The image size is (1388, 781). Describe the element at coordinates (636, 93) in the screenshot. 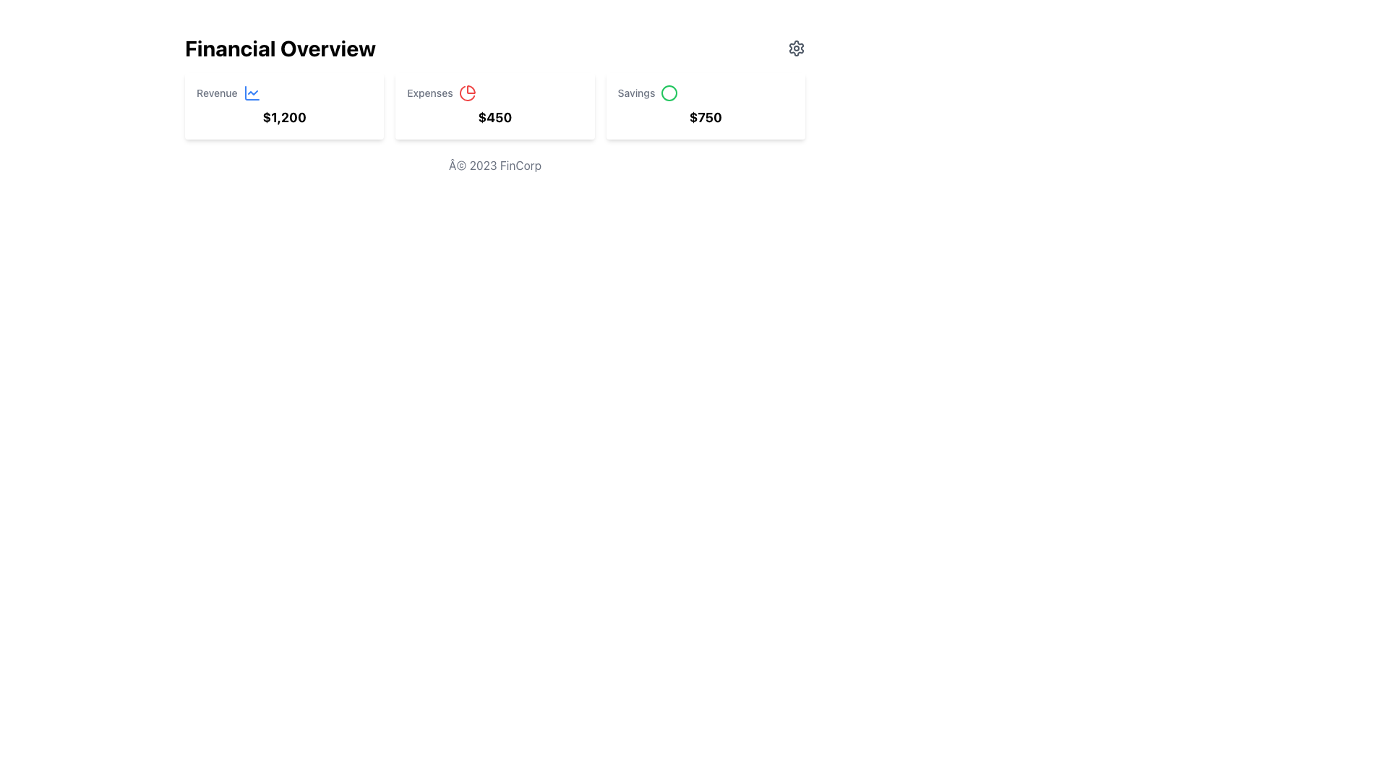

I see `the Text Label indicating the category 'Savings', which is positioned at the top-left corner of its containing flex box and above a monetary value` at that location.